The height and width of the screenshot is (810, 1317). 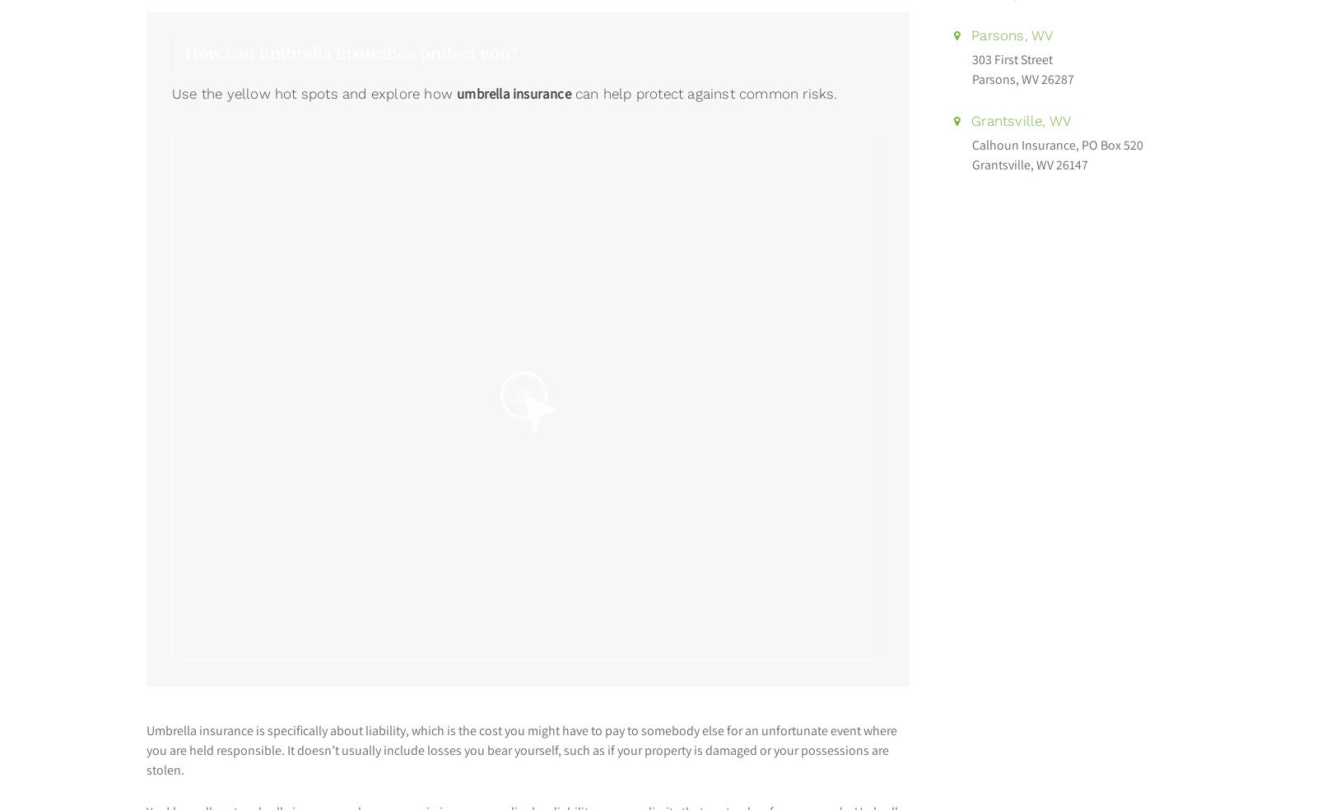 I want to click on 'Parsons, WV 26287', so click(x=1022, y=78).